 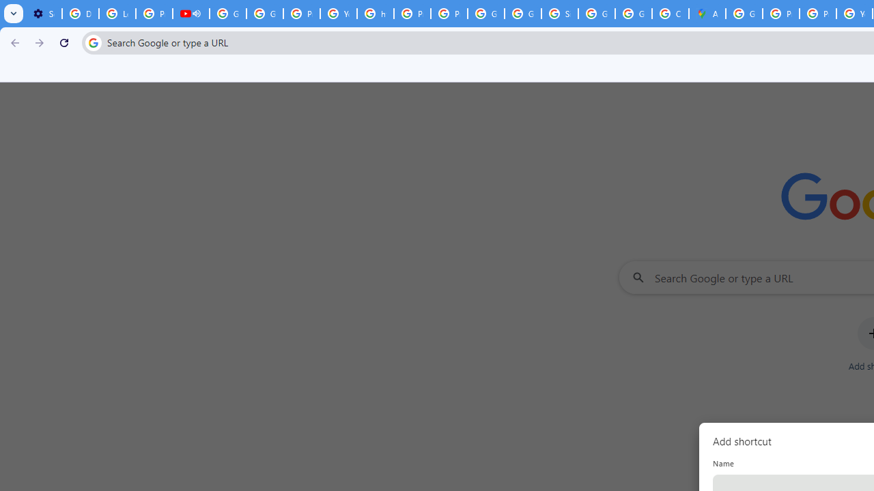 I want to click on 'Search icon', so click(x=92, y=42).